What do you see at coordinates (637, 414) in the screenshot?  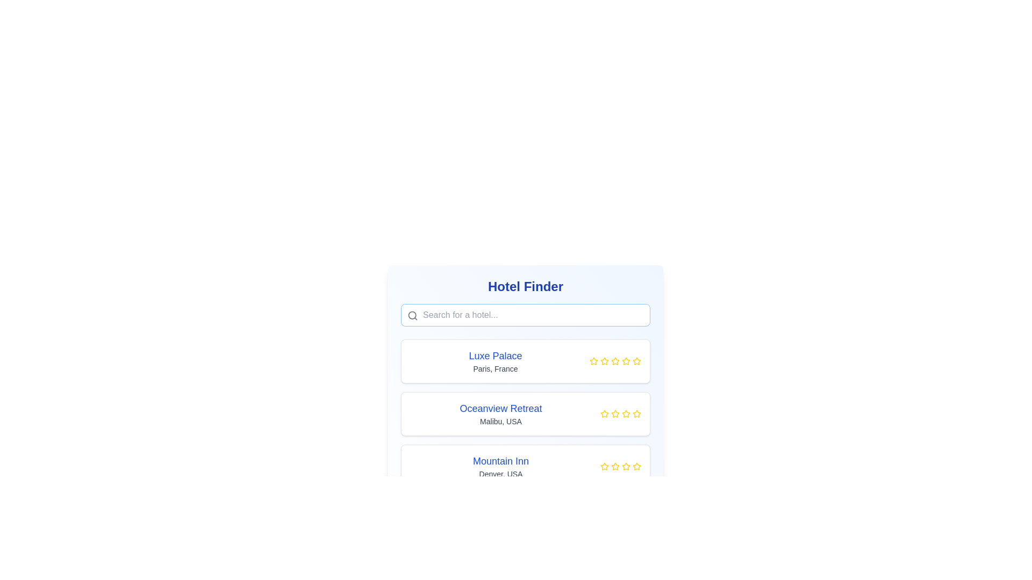 I see `the fifth rating star in the user rating system for 'Oceanview Retreat'` at bounding box center [637, 414].